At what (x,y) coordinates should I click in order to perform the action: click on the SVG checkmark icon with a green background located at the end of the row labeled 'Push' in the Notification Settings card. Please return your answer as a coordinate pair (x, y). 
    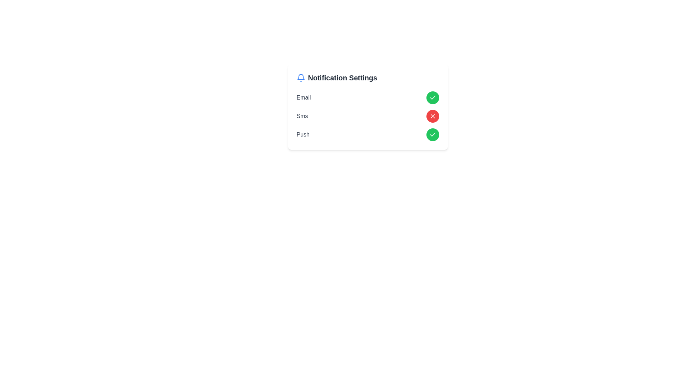
    Looking at the image, I should click on (432, 134).